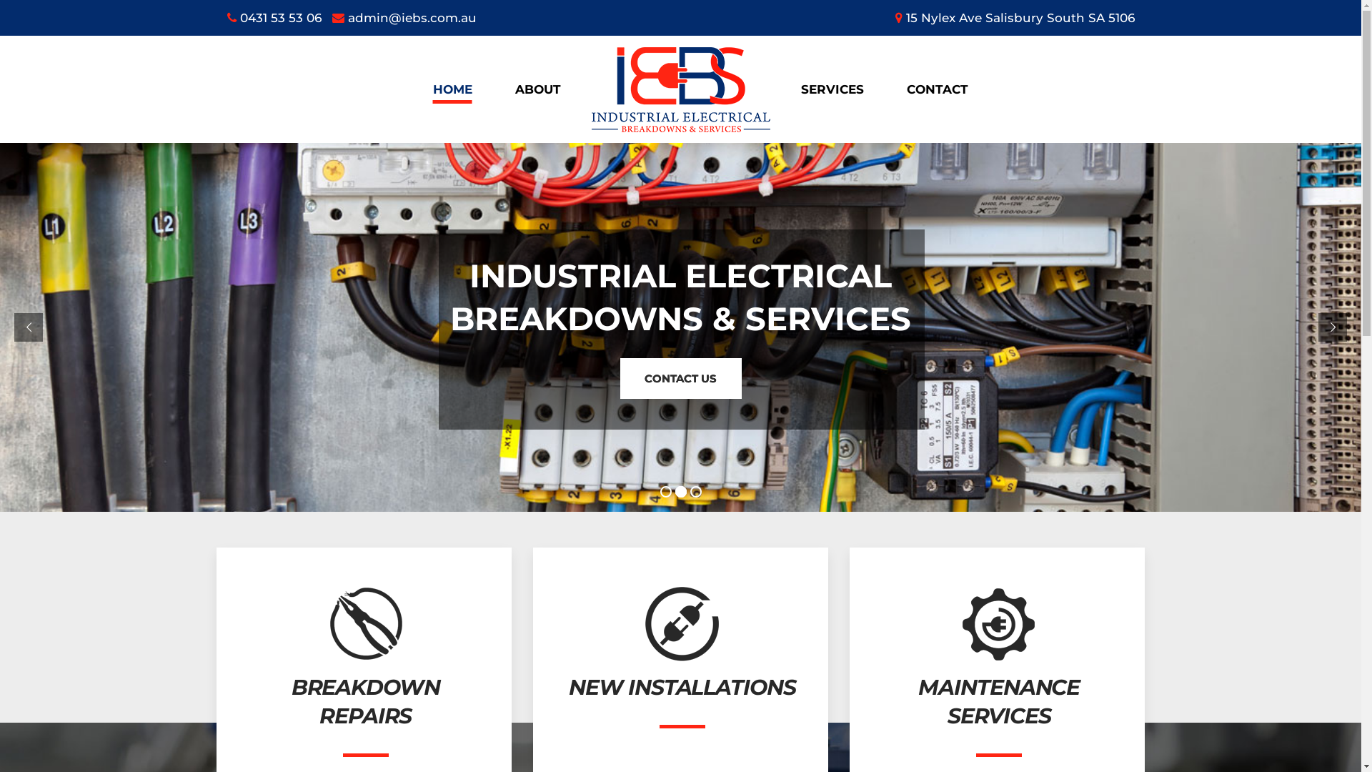 Image resolution: width=1372 pixels, height=772 pixels. I want to click on '0431 53 53 06', so click(274, 17).